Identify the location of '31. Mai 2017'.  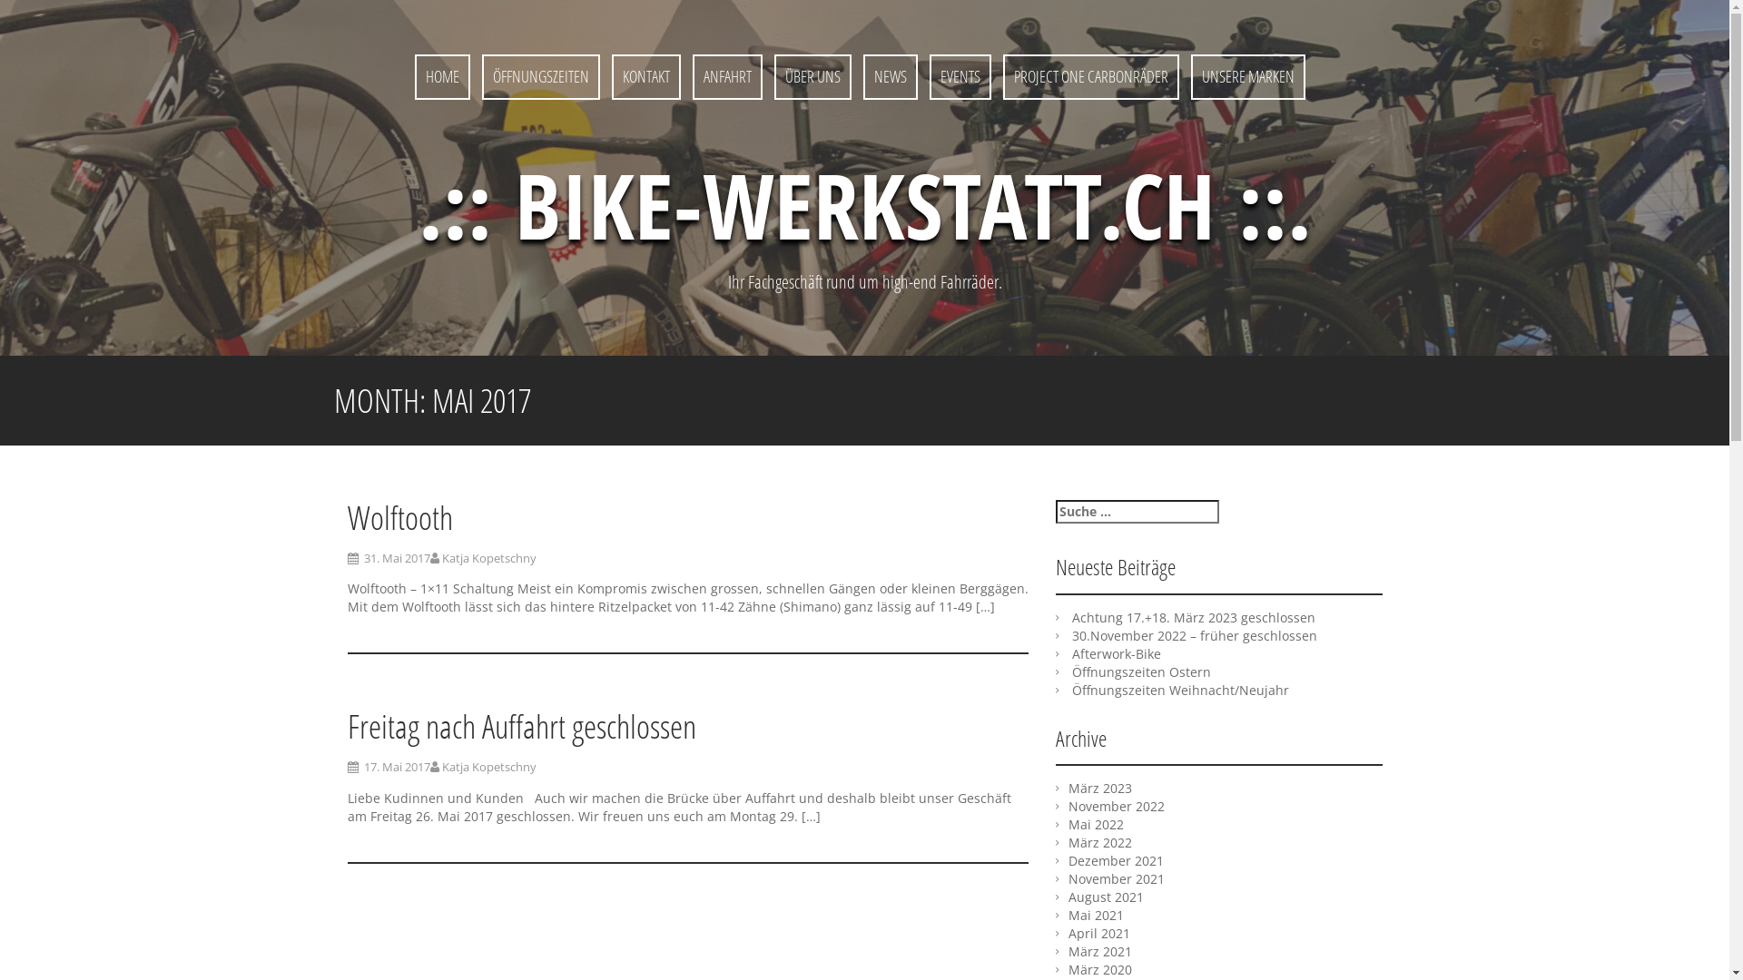
(362, 556).